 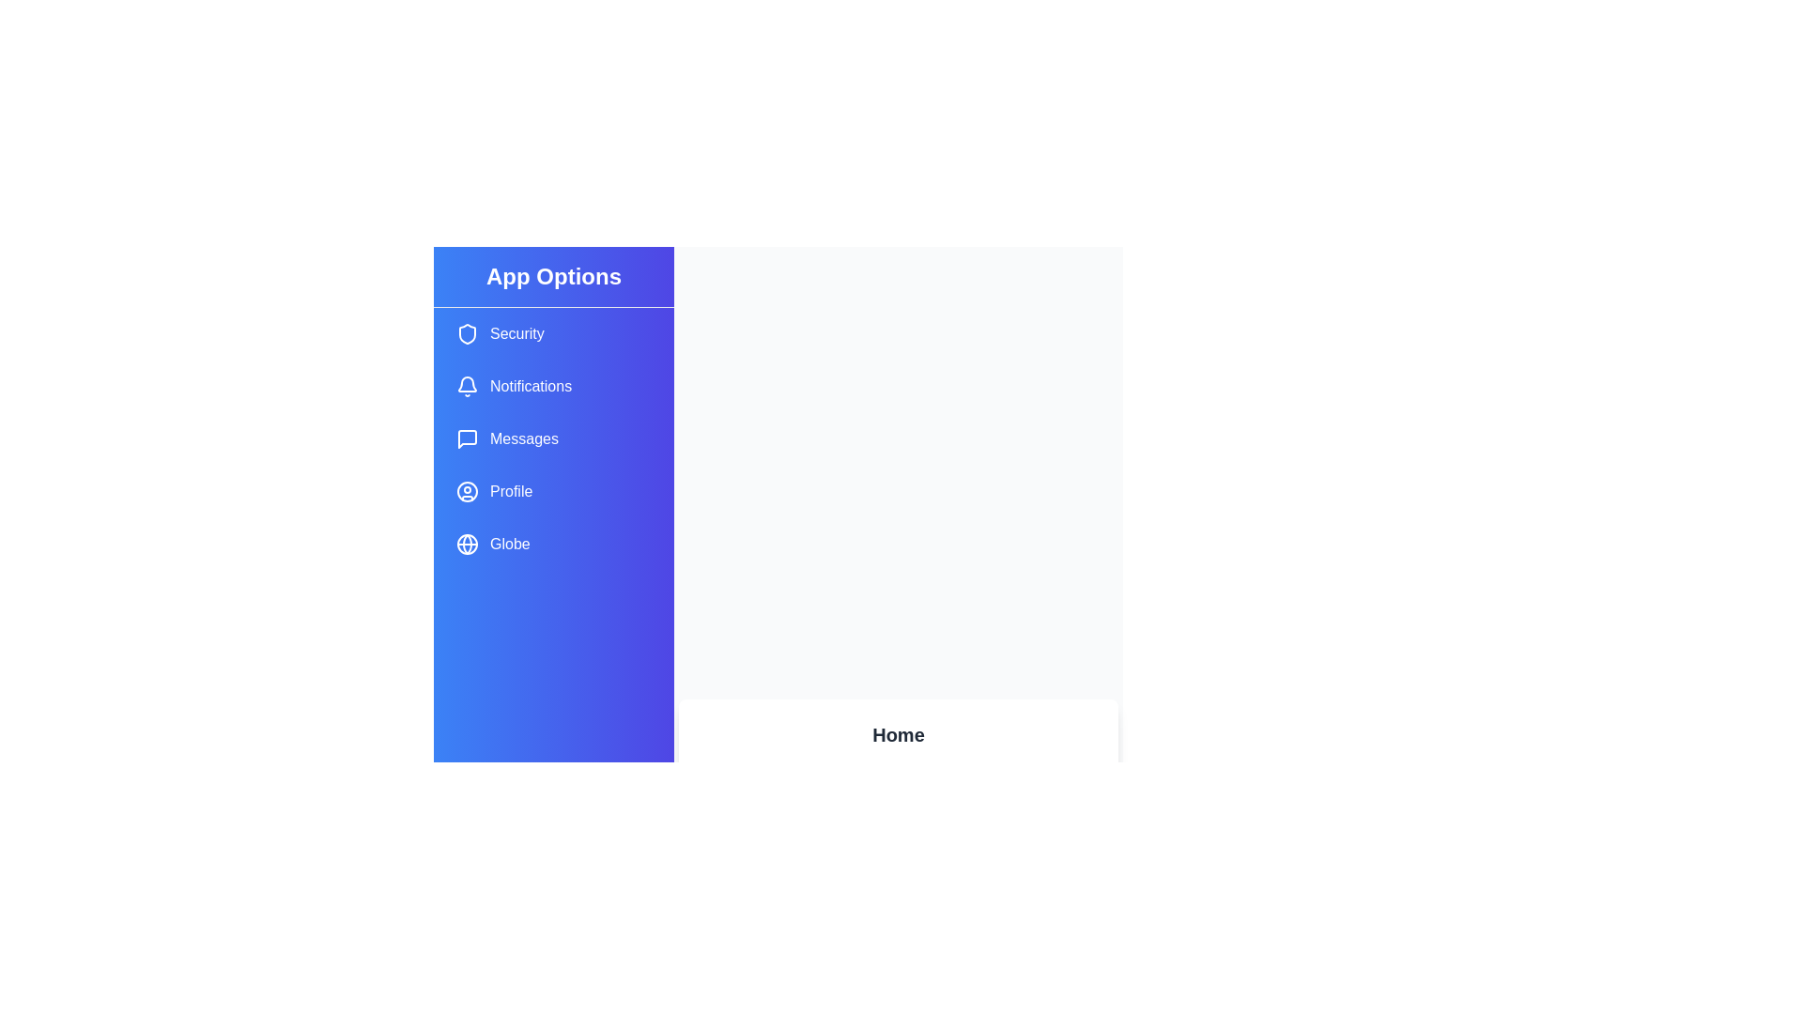 What do you see at coordinates (553, 438) in the screenshot?
I see `the sidebar item labeled Messages to see the visual change` at bounding box center [553, 438].